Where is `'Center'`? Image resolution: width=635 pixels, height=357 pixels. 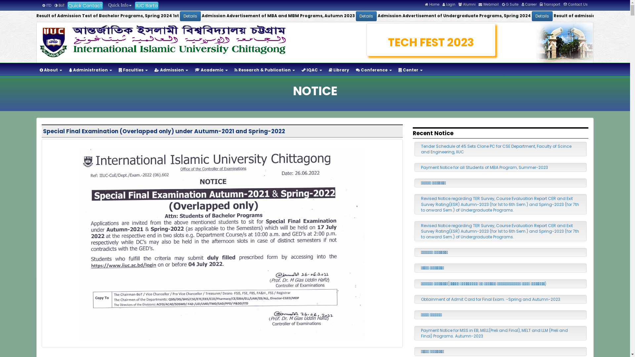 'Center' is located at coordinates (410, 70).